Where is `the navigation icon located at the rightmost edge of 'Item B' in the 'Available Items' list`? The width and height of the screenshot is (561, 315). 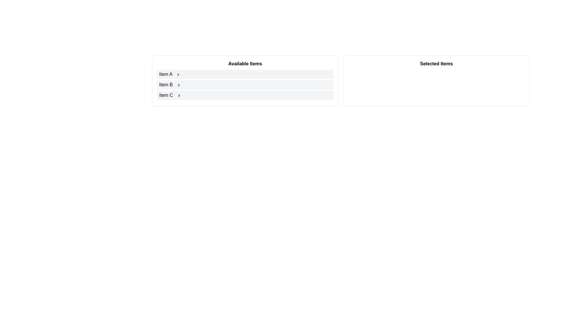
the navigation icon located at the rightmost edge of 'Item B' in the 'Available Items' list is located at coordinates (178, 85).